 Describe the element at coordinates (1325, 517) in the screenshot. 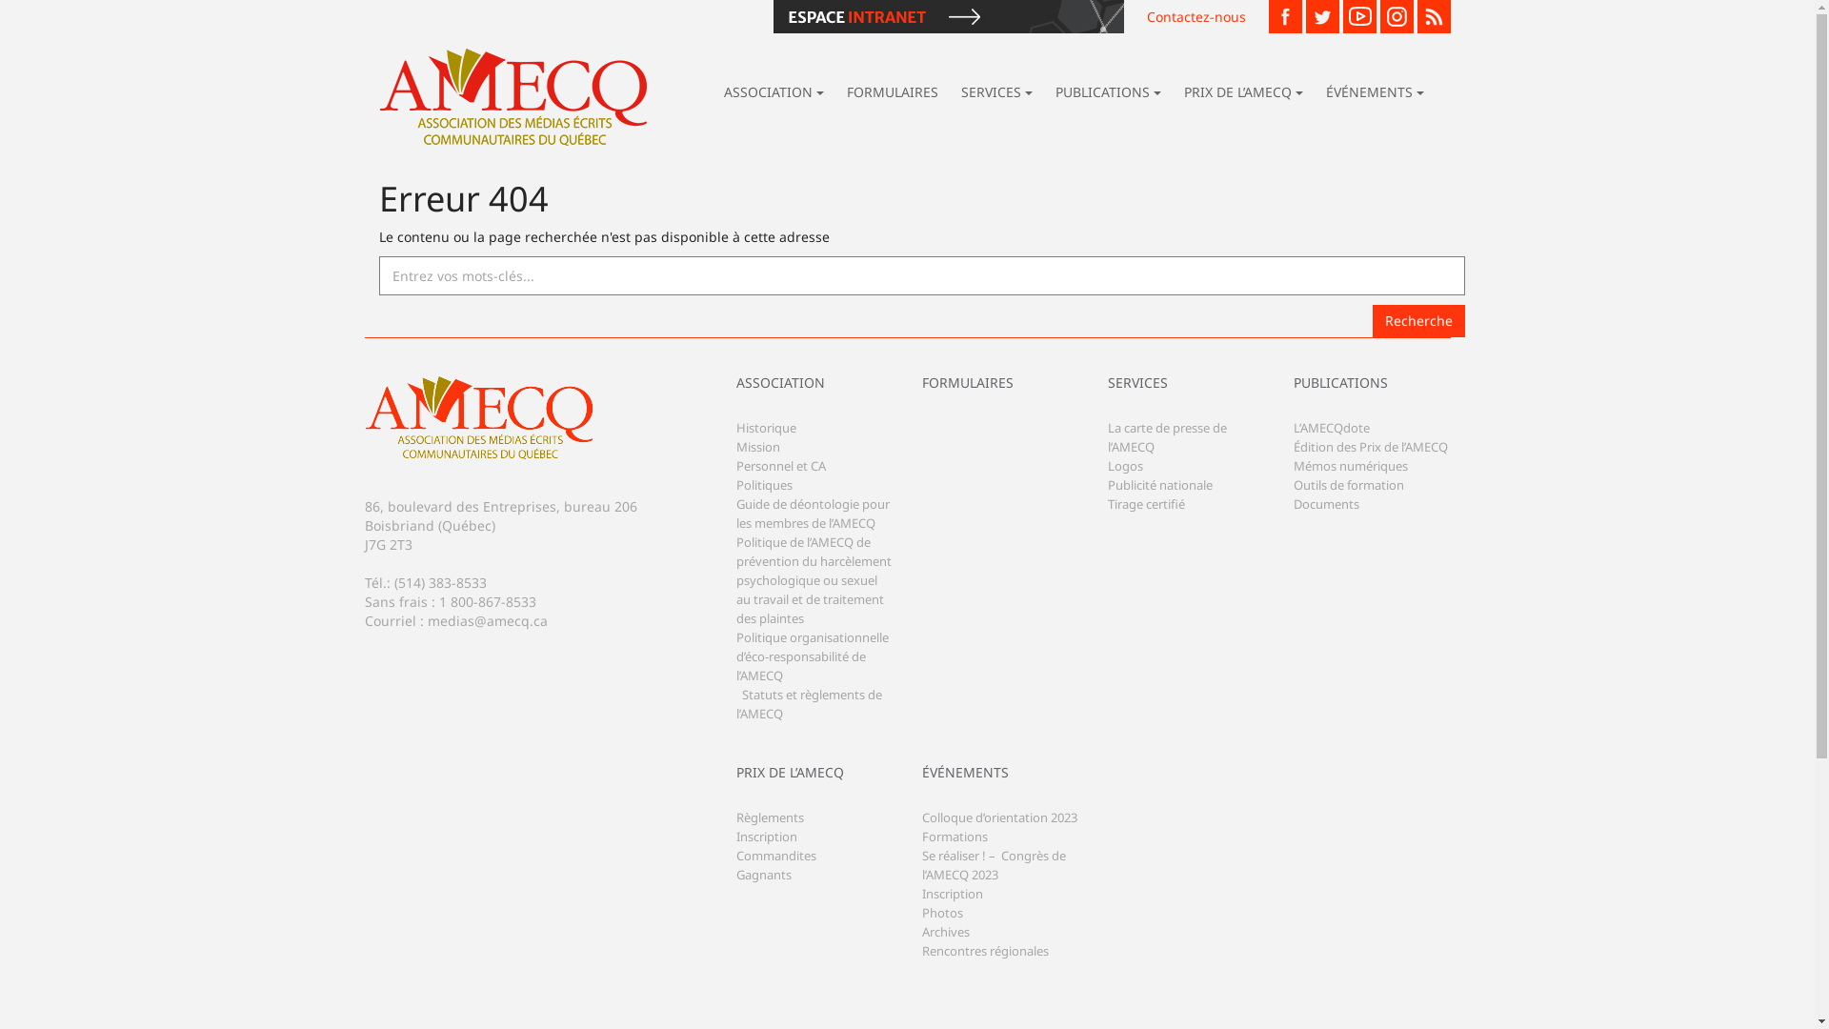

I see `'Documents'` at that location.